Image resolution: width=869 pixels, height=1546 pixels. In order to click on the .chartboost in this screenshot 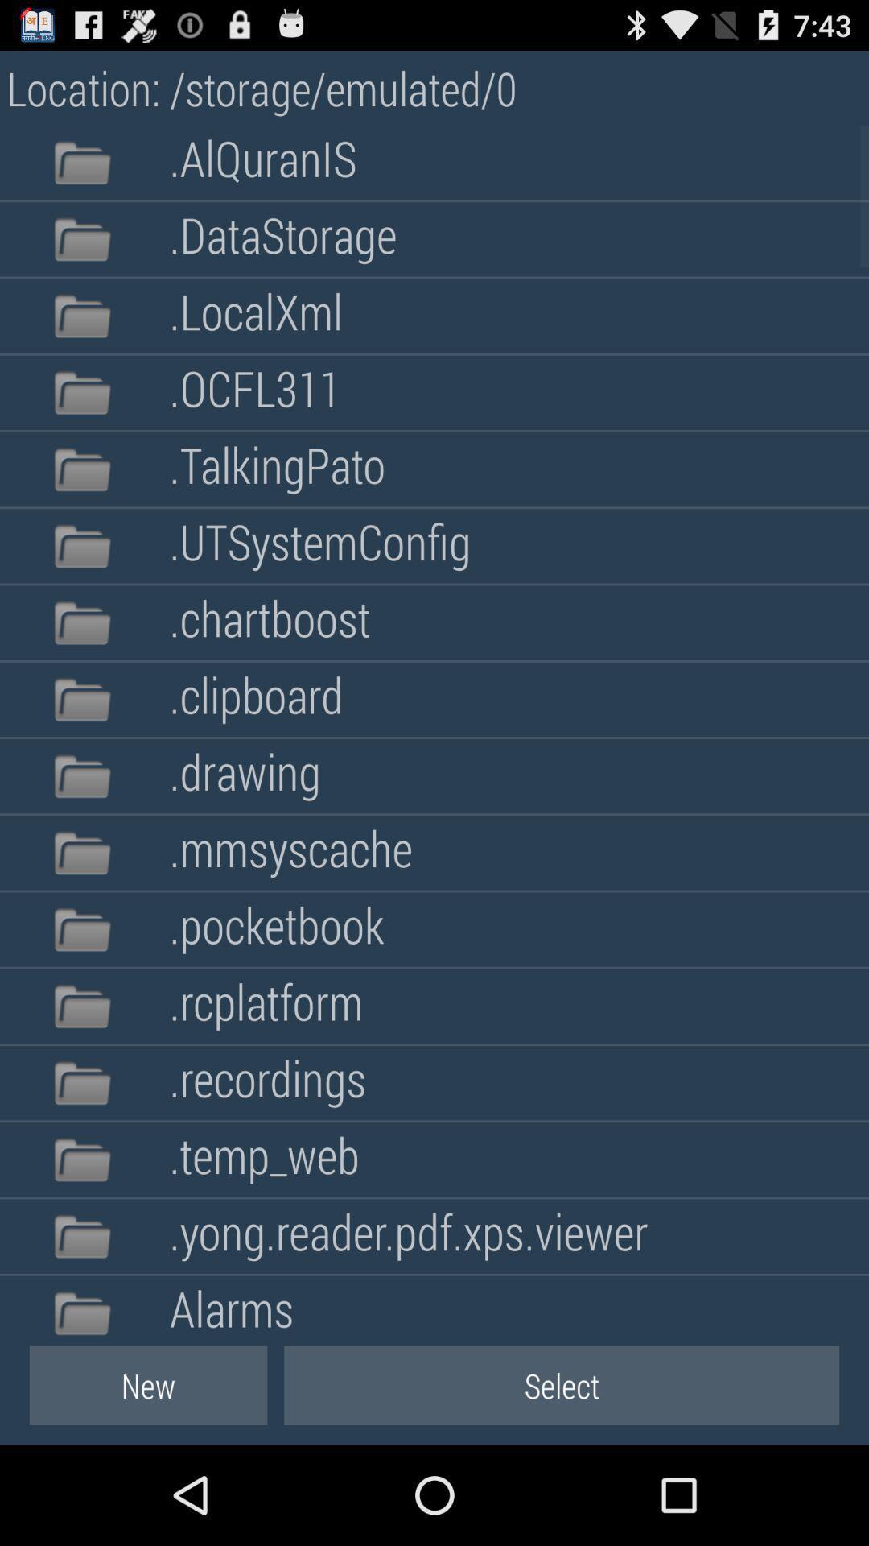, I will do `click(269, 622)`.